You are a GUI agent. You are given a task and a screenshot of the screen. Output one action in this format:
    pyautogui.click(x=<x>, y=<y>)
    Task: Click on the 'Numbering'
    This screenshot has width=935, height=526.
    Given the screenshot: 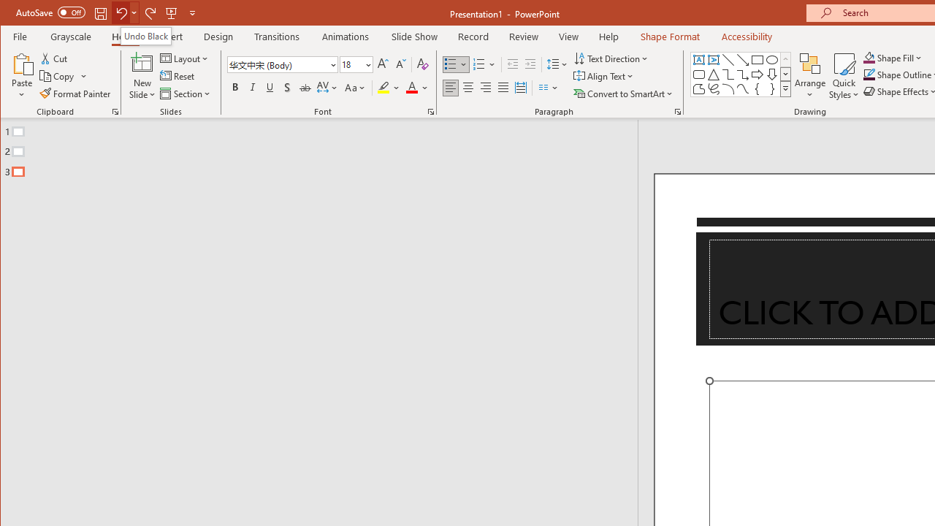 What is the action you would take?
    pyautogui.click(x=479, y=64)
    